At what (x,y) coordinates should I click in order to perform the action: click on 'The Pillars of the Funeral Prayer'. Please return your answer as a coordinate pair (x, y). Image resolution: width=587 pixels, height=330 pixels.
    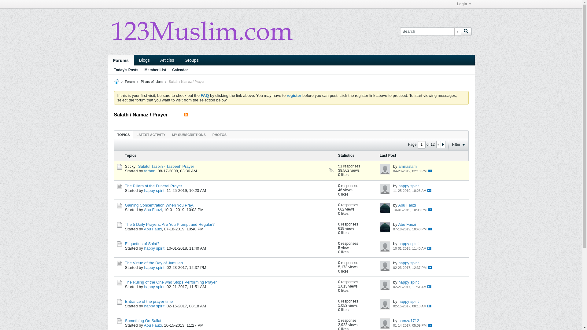
    Looking at the image, I should click on (153, 185).